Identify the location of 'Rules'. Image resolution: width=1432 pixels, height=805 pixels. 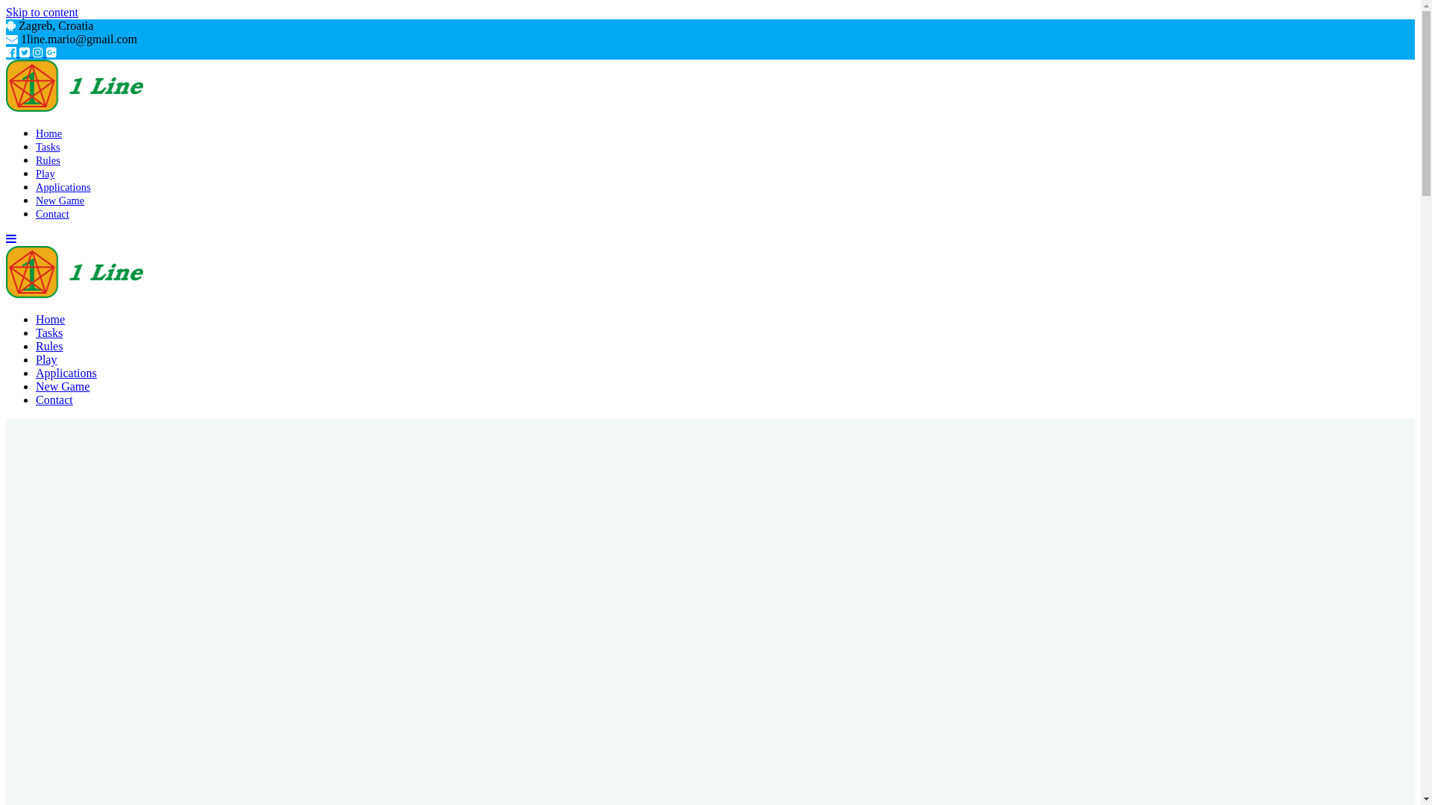
(49, 346).